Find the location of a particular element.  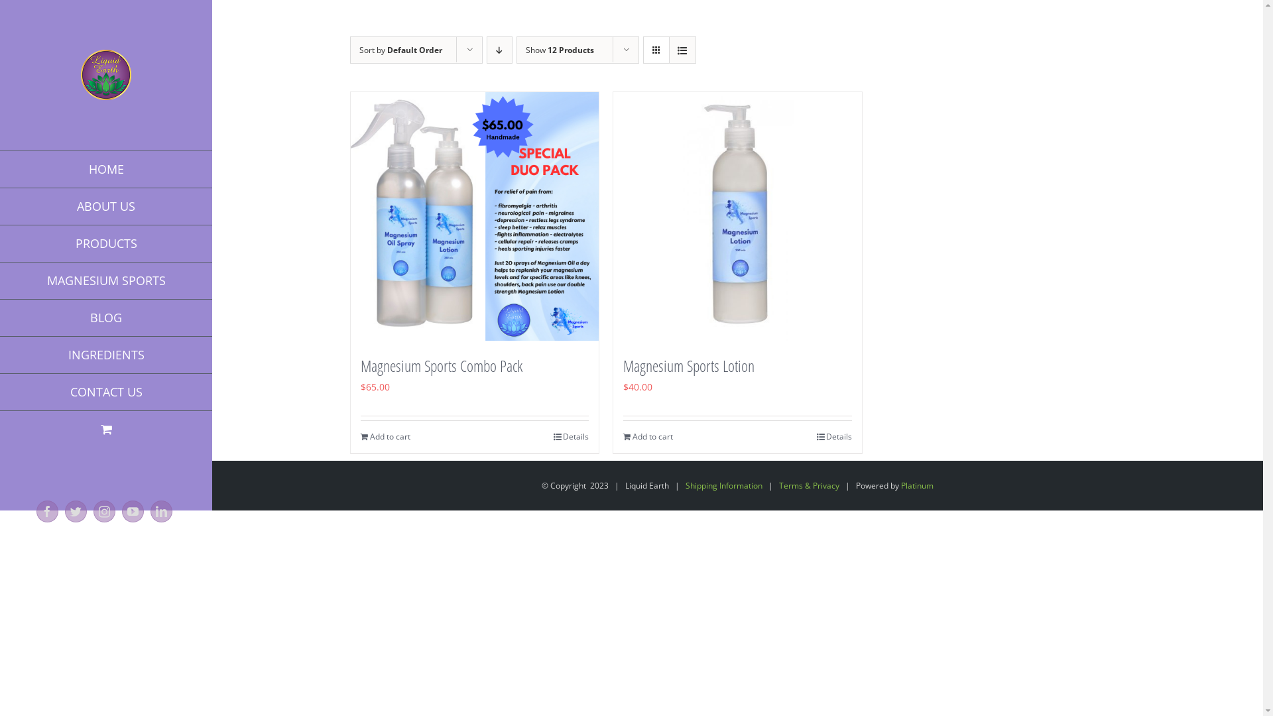

'Show 12 Products' is located at coordinates (559, 49).